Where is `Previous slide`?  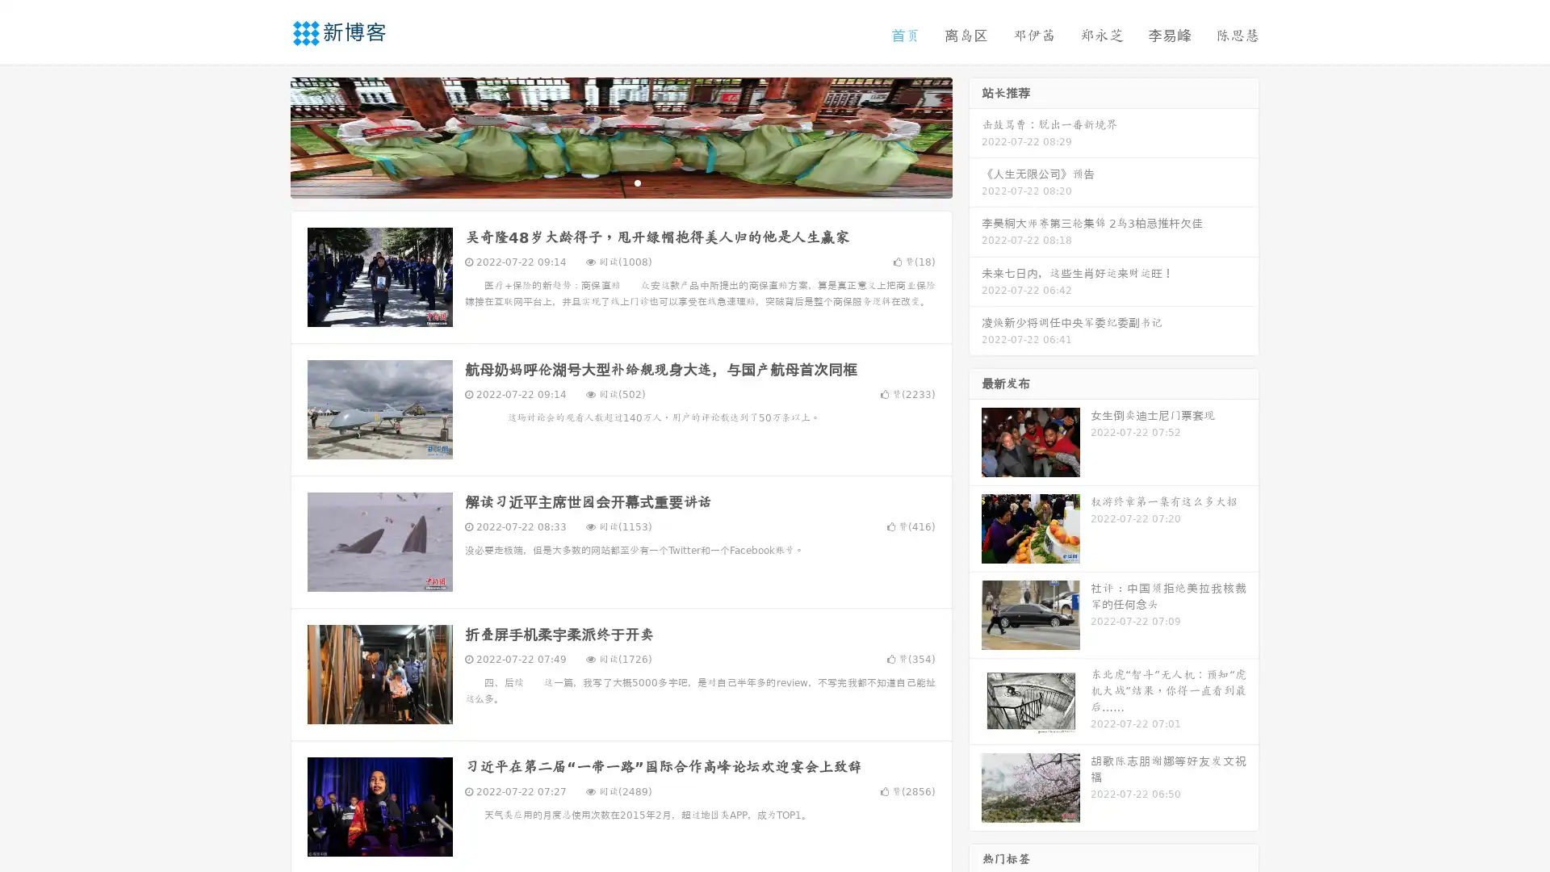
Previous slide is located at coordinates (266, 136).